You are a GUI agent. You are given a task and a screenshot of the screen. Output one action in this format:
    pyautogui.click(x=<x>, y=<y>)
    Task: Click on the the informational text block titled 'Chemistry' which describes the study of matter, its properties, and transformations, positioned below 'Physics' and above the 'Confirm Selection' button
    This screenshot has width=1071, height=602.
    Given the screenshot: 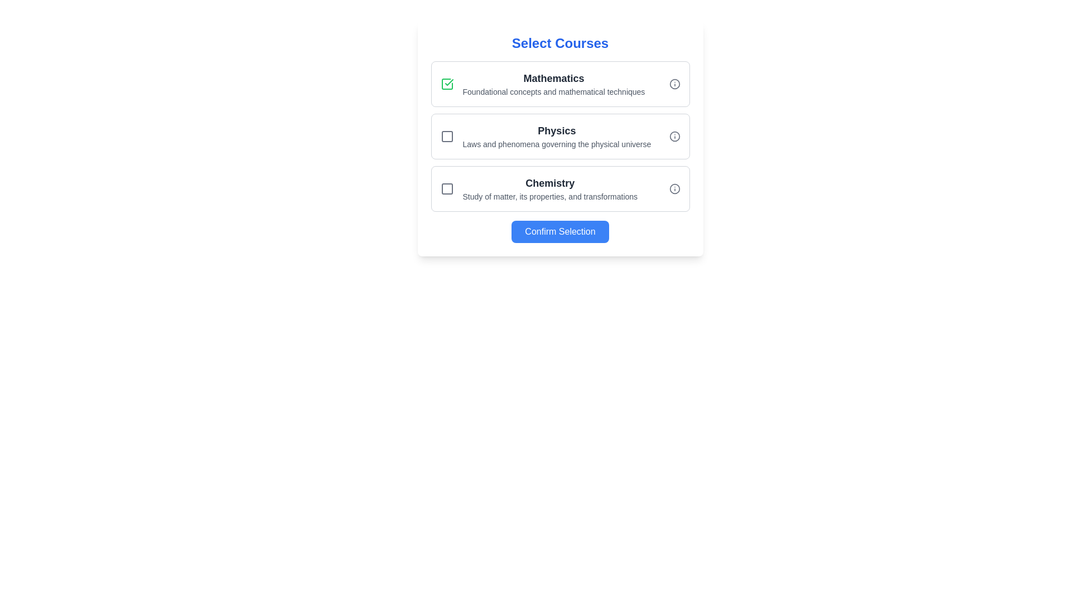 What is the action you would take?
    pyautogui.click(x=539, y=188)
    